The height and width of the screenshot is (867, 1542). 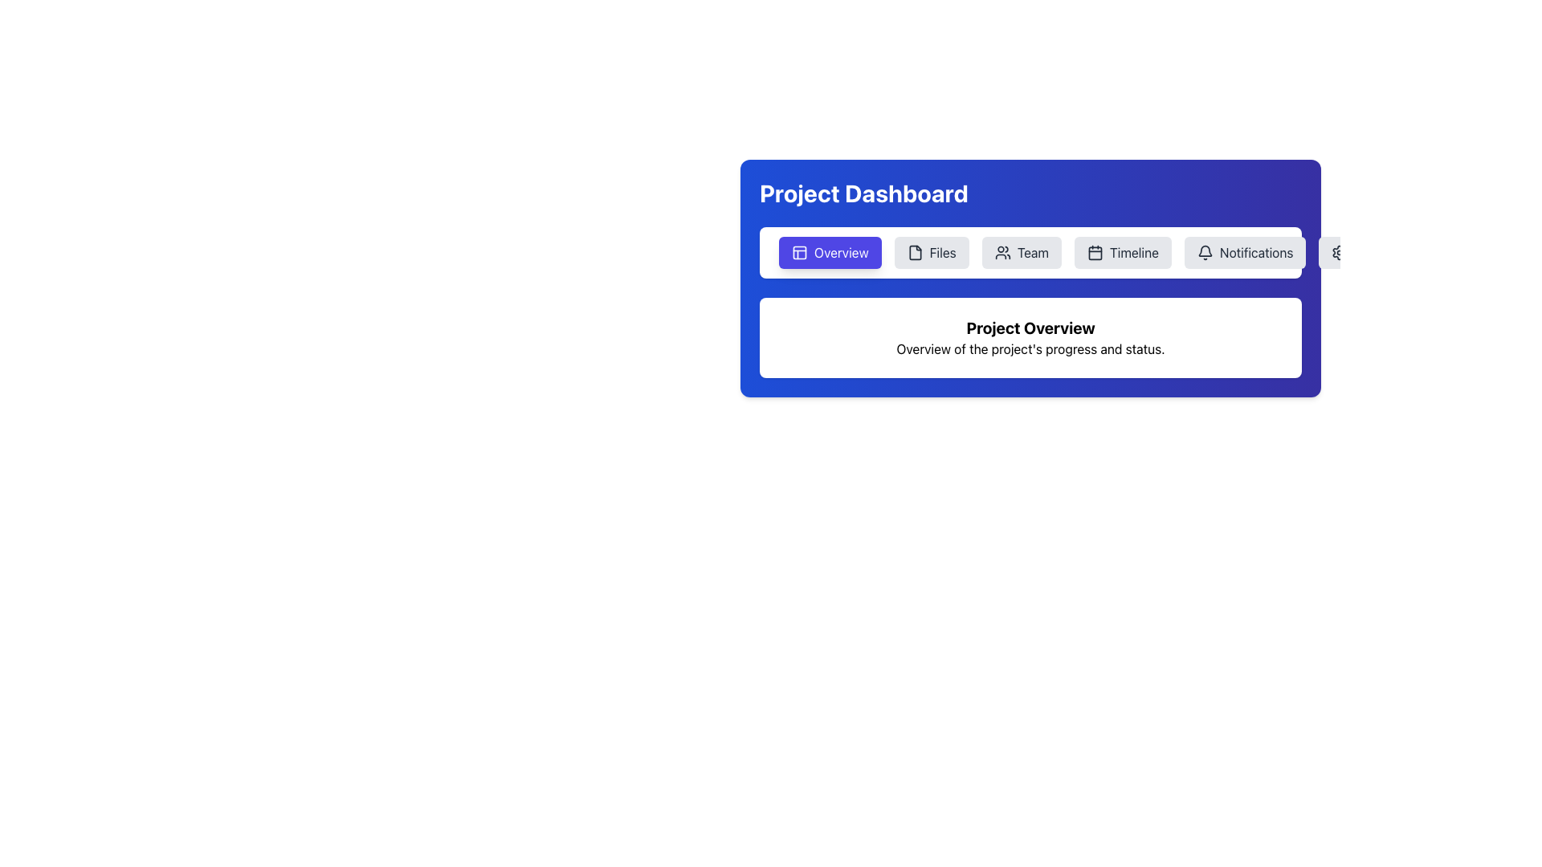 What do you see at coordinates (1021, 253) in the screenshot?
I see `the 'Team' button, which is a horizontally rectangular button with a light gray background and a black icon of two people followed by the text 'Team'` at bounding box center [1021, 253].